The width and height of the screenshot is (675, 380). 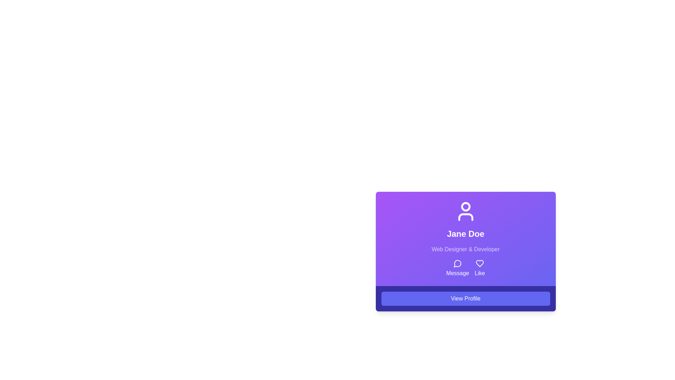 What do you see at coordinates (465, 249) in the screenshot?
I see `subtitle text 'Web Designer & Developer' located in the information card below the primary text 'Jane Doe'` at bounding box center [465, 249].